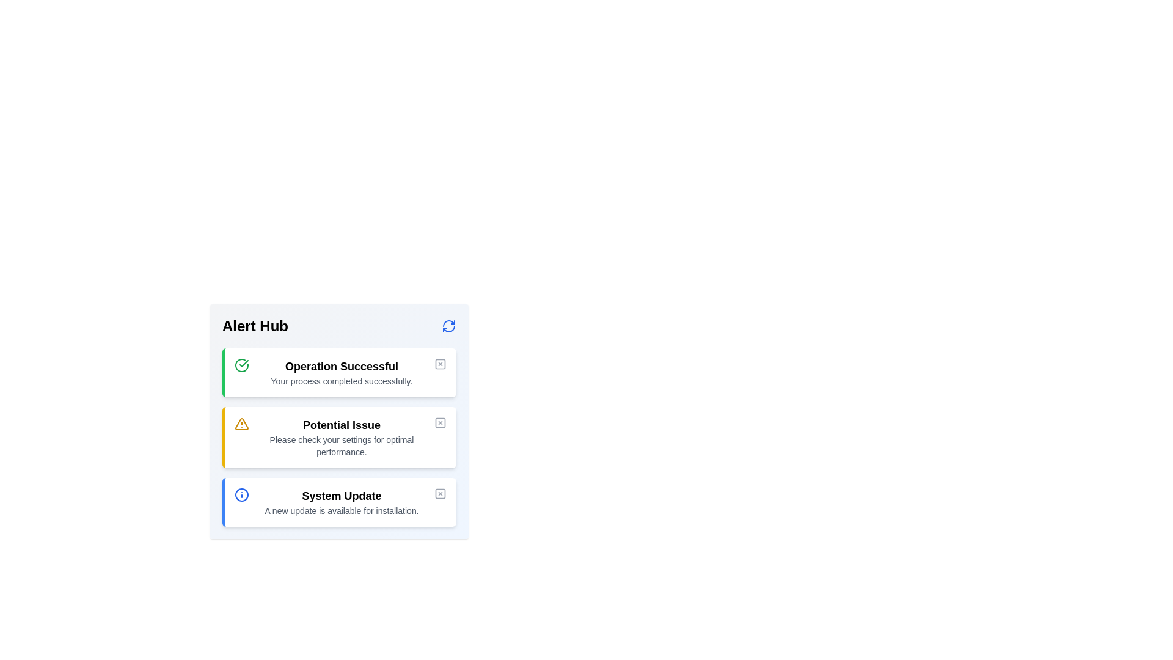  Describe the element at coordinates (342, 437) in the screenshot. I see `the warning notification text block` at that location.